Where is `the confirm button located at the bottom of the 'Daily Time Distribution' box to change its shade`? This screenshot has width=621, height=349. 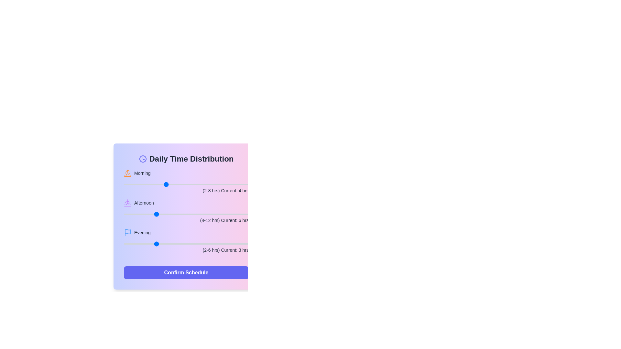
the confirm button located at the bottom of the 'Daily Time Distribution' box to change its shade is located at coordinates (186, 273).